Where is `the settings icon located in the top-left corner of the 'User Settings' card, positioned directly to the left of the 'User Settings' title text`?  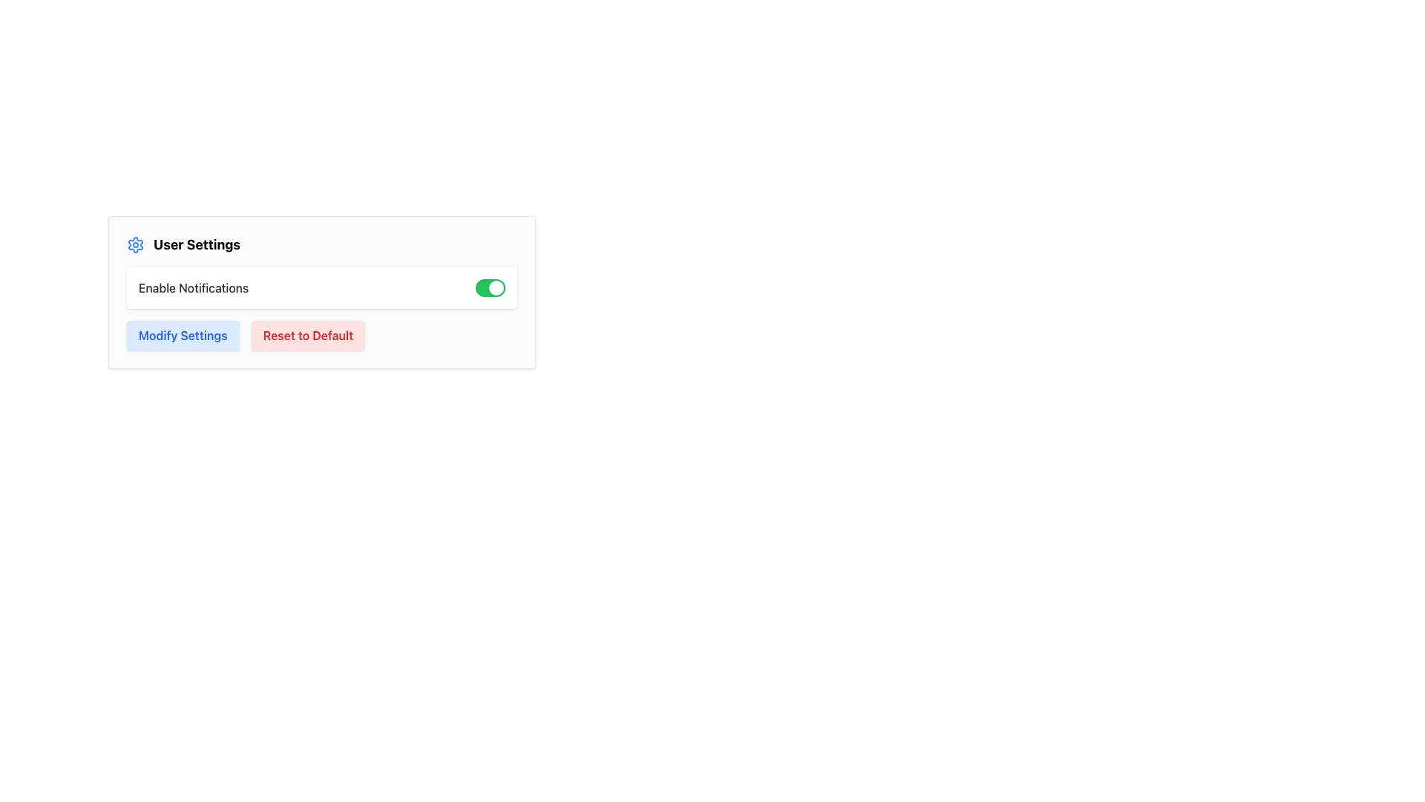 the settings icon located in the top-left corner of the 'User Settings' card, positioned directly to the left of the 'User Settings' title text is located at coordinates (135, 244).